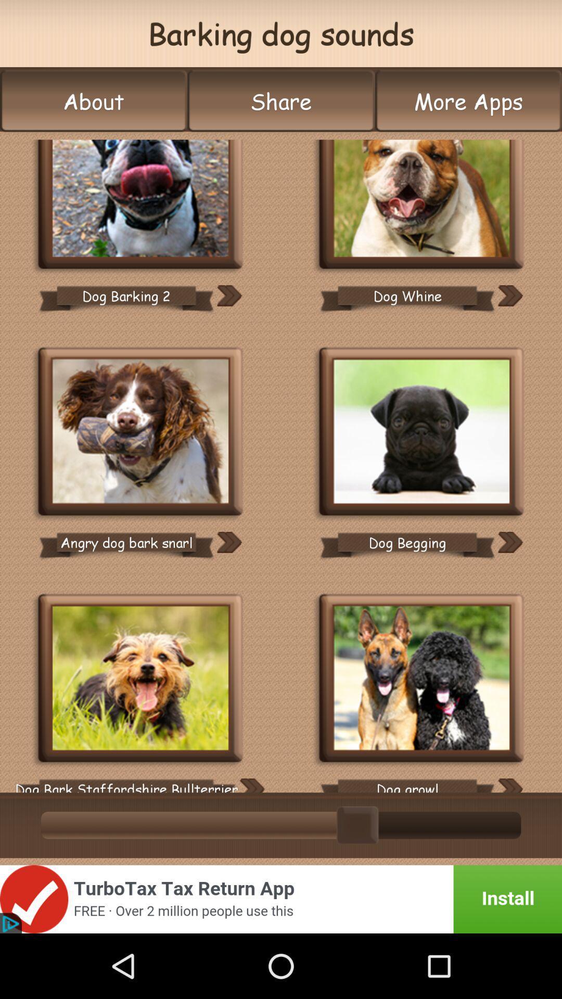 This screenshot has width=562, height=999. What do you see at coordinates (421, 205) in the screenshot?
I see `audio` at bounding box center [421, 205].